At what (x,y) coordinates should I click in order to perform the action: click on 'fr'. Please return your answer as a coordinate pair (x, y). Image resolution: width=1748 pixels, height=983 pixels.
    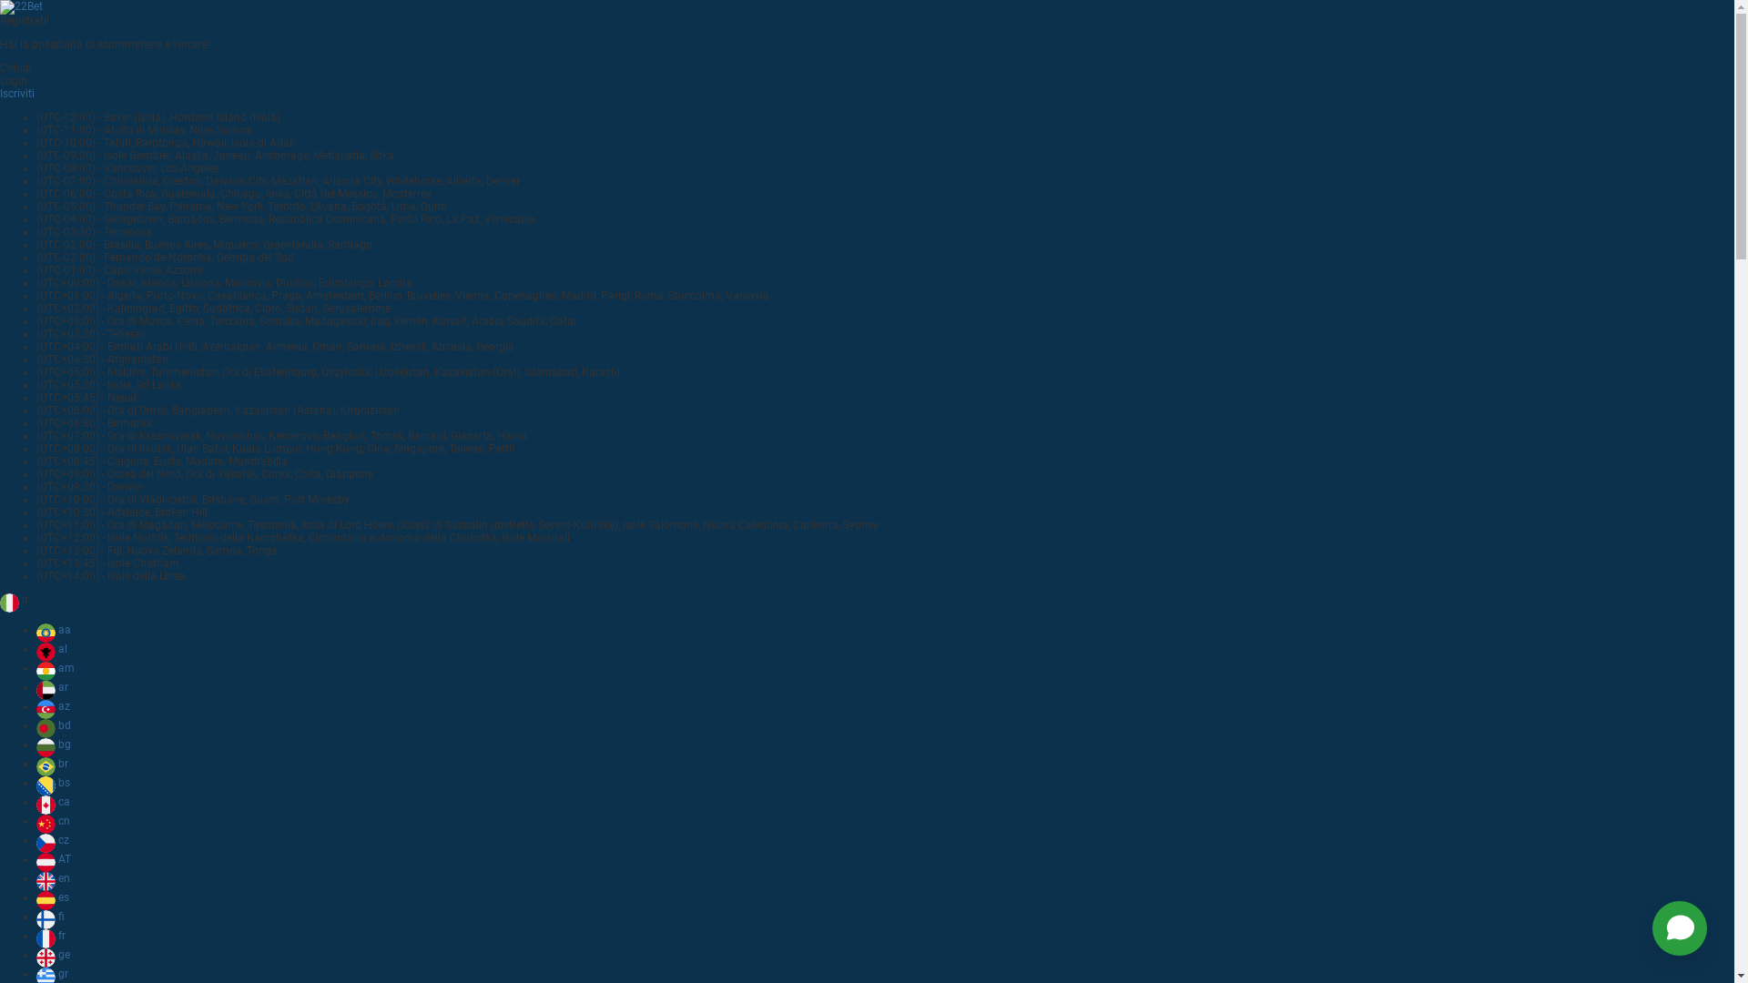
    Looking at the image, I should click on (51, 936).